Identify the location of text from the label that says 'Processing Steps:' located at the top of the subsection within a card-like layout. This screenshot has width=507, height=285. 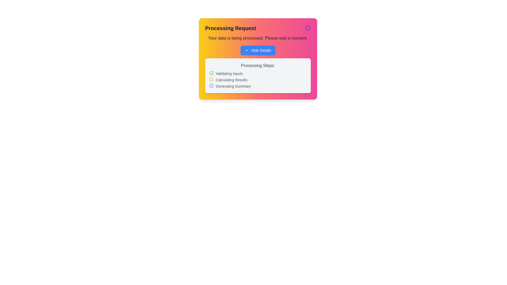
(258, 65).